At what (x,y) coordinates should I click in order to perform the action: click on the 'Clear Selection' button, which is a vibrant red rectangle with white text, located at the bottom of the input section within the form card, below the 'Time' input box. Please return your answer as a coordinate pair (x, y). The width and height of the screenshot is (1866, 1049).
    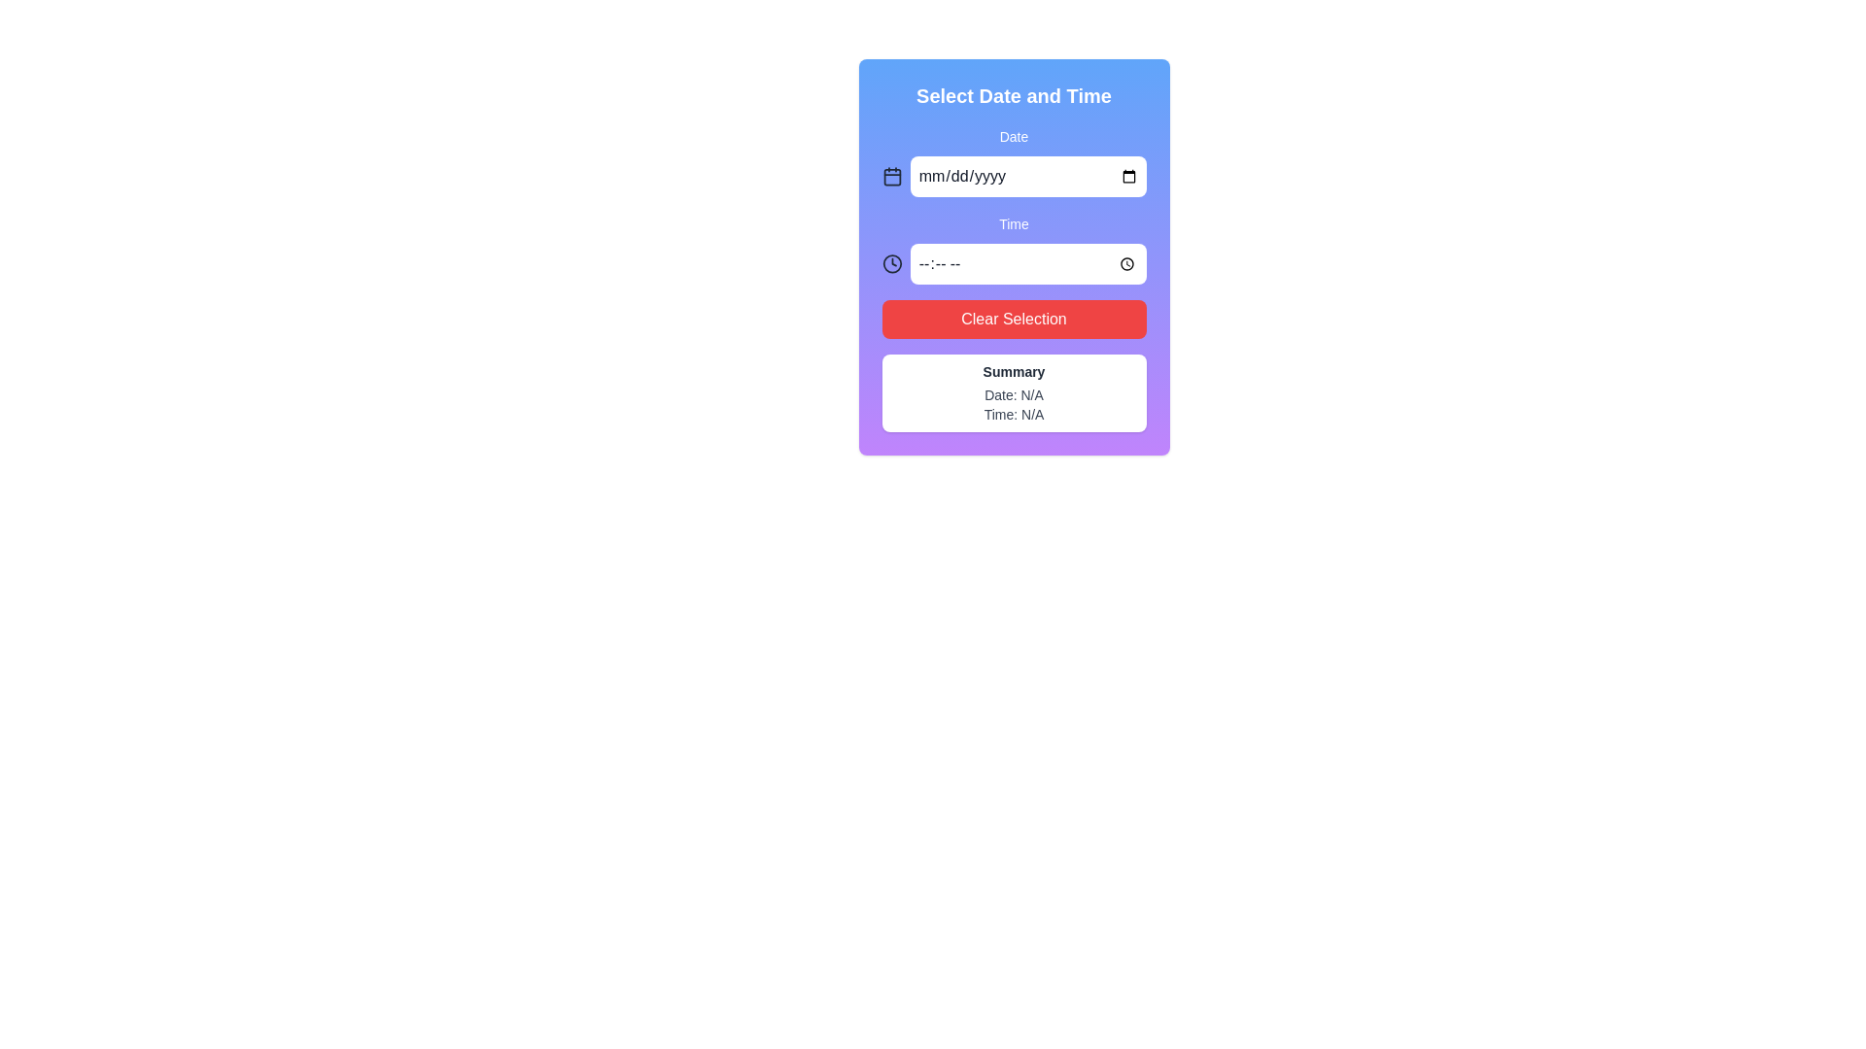
    Looking at the image, I should click on (1013, 318).